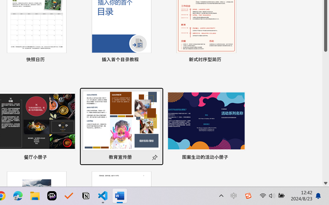 Image resolution: width=329 pixels, height=205 pixels. Describe the element at coordinates (325, 183) in the screenshot. I see `'Line down'` at that location.